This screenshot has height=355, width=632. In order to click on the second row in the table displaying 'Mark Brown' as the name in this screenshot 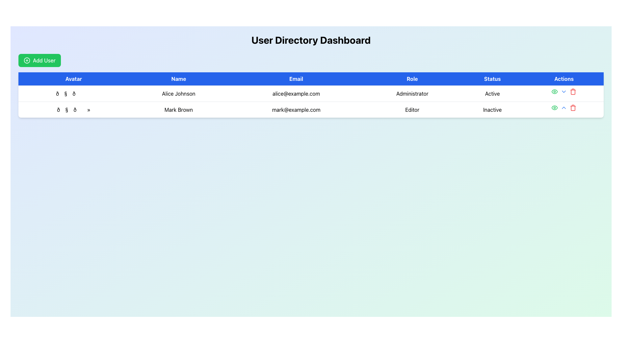, I will do `click(311, 109)`.